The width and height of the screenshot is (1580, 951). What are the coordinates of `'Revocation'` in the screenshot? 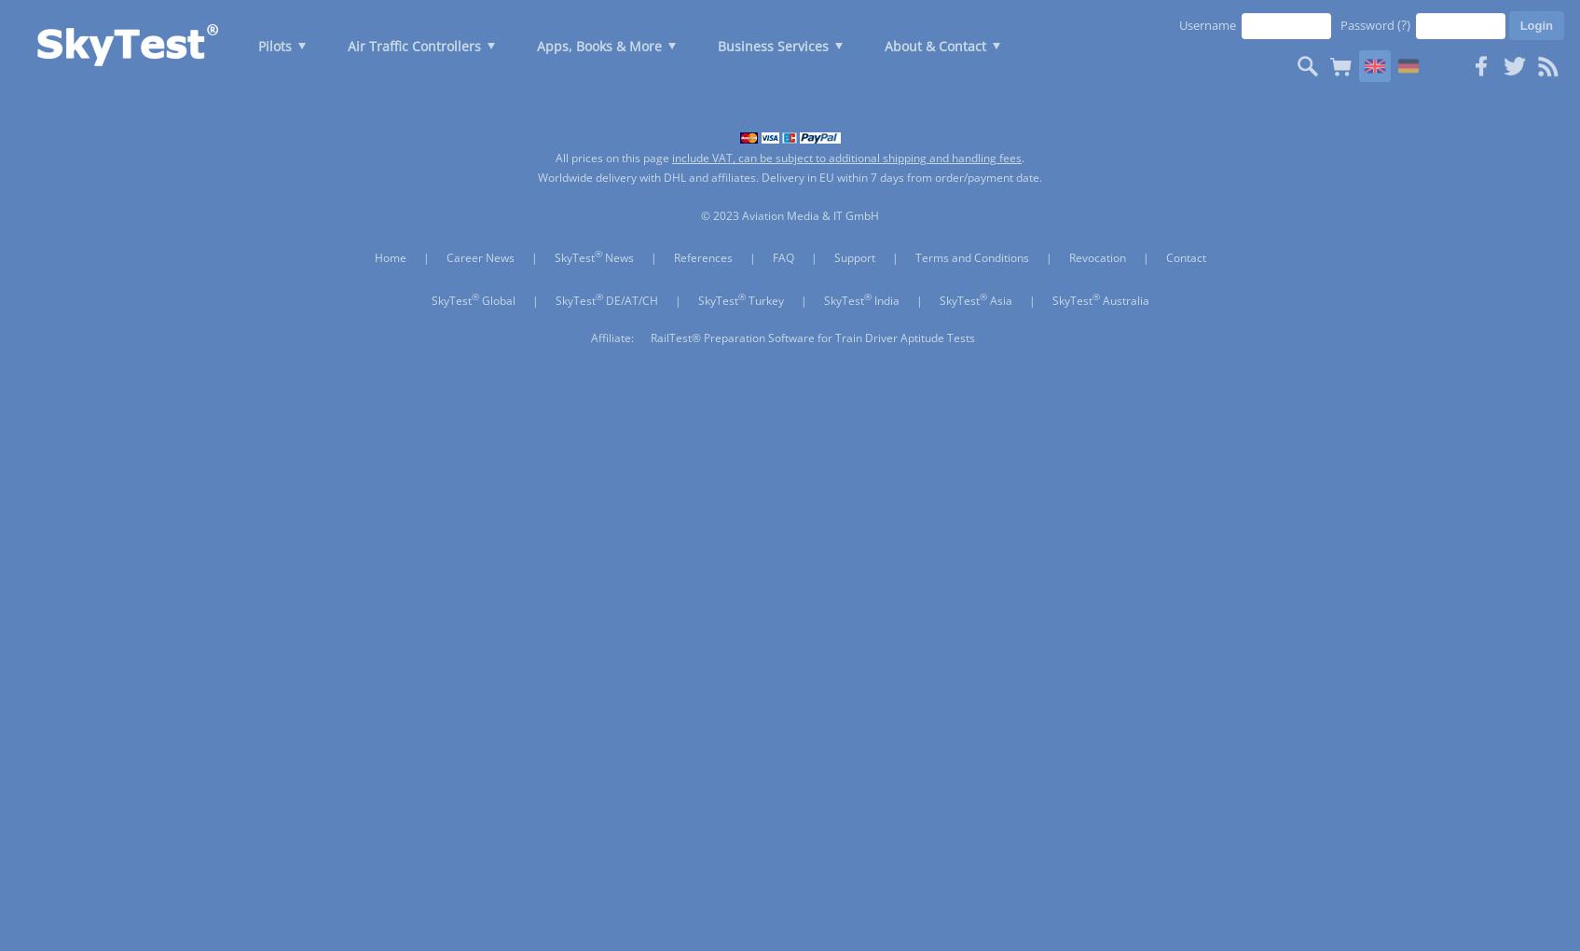 It's located at (1096, 256).